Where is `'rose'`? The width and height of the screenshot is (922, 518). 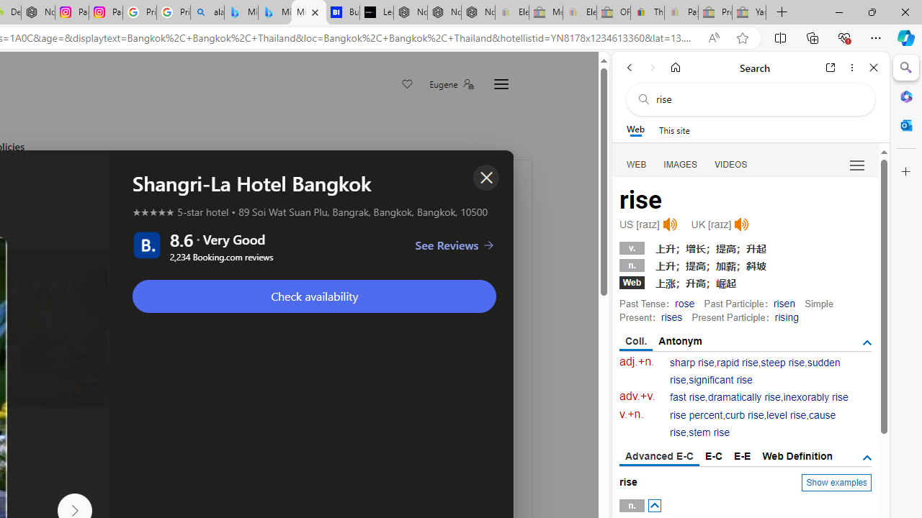 'rose' is located at coordinates (684, 302).